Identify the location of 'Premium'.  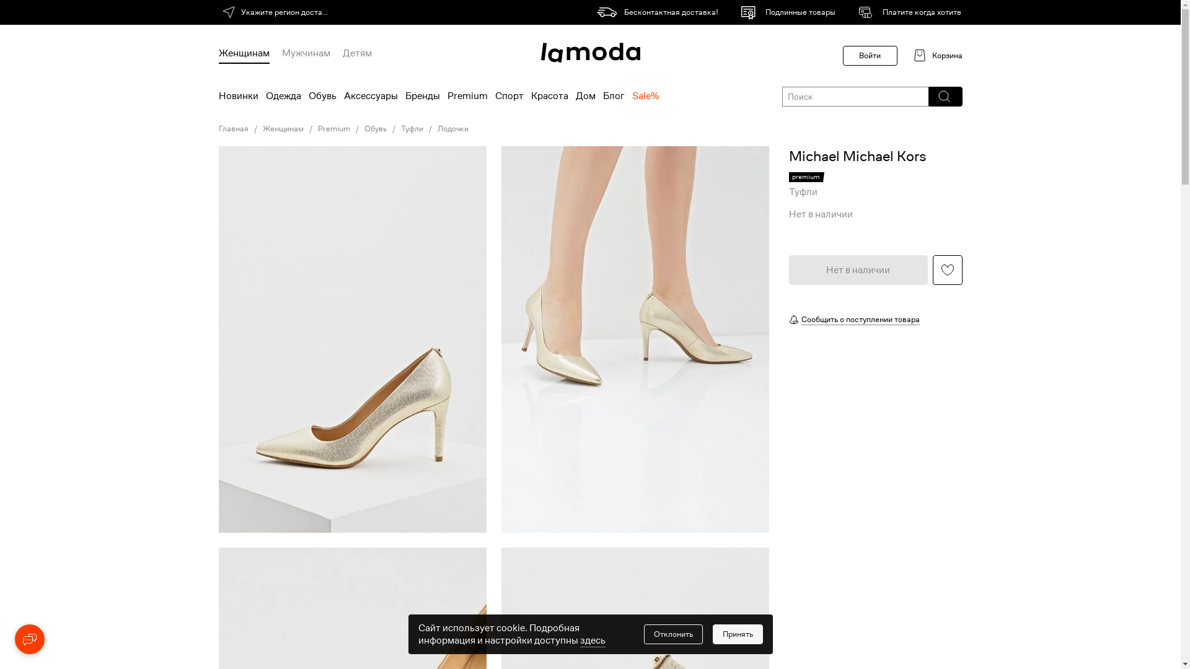
(333, 129).